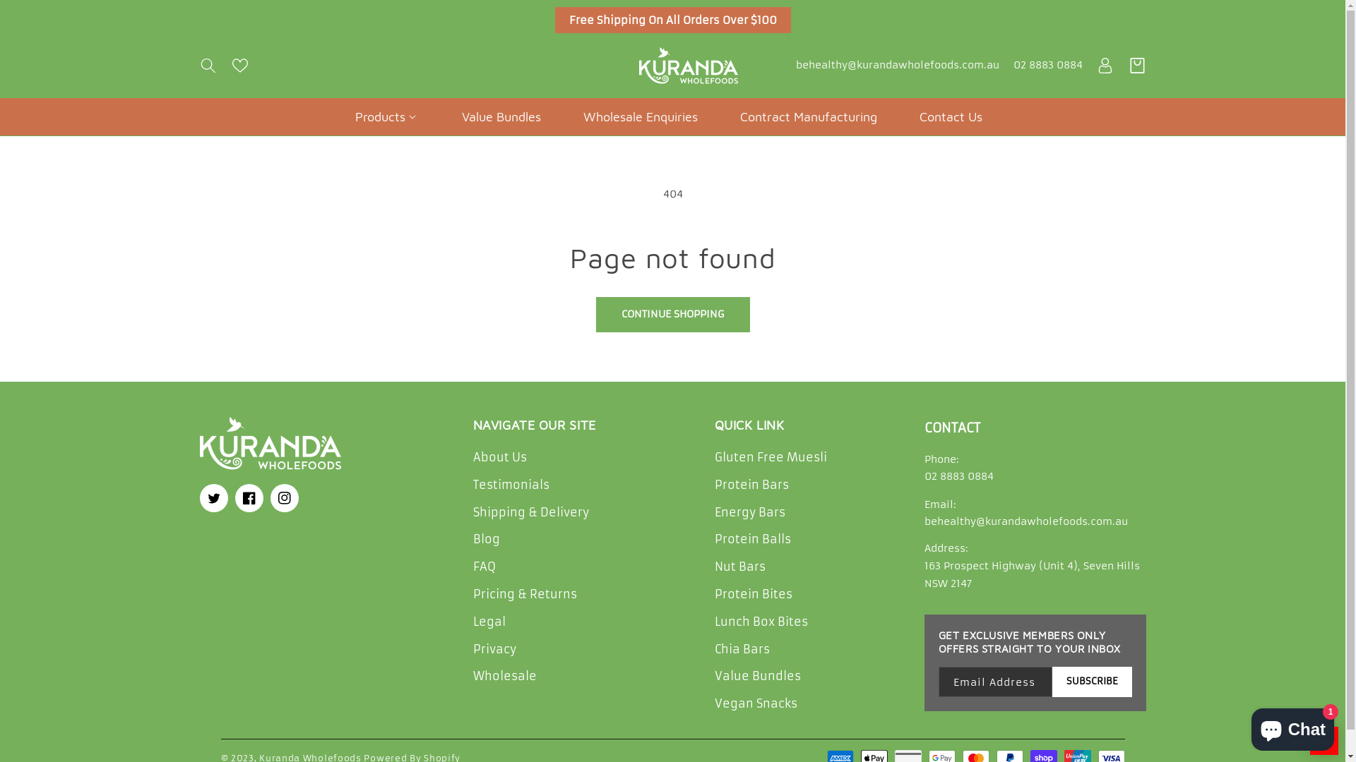 Image resolution: width=1356 pixels, height=762 pixels. I want to click on 'behealthy@kurandawholefoods.com.au', so click(896, 65).